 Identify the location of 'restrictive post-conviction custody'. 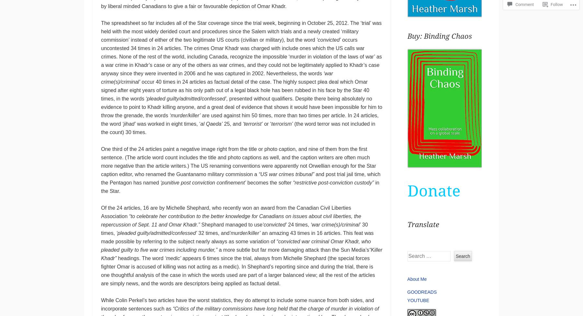
(333, 183).